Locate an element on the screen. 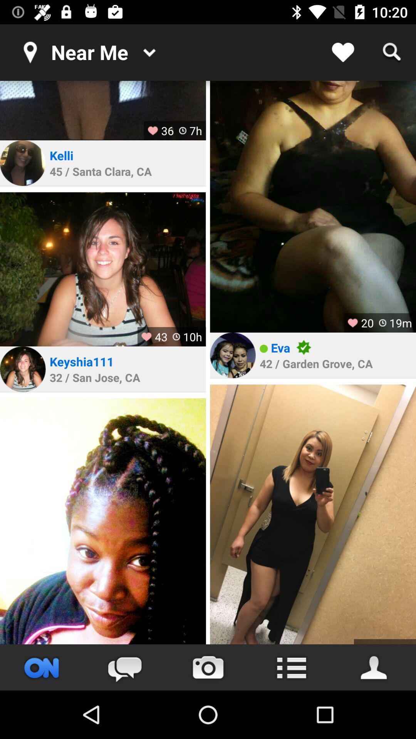  visit your profile is located at coordinates (374, 667).